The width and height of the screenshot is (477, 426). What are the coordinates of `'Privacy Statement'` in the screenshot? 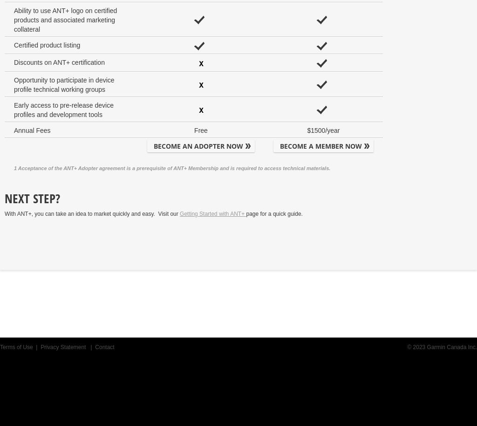 It's located at (63, 347).